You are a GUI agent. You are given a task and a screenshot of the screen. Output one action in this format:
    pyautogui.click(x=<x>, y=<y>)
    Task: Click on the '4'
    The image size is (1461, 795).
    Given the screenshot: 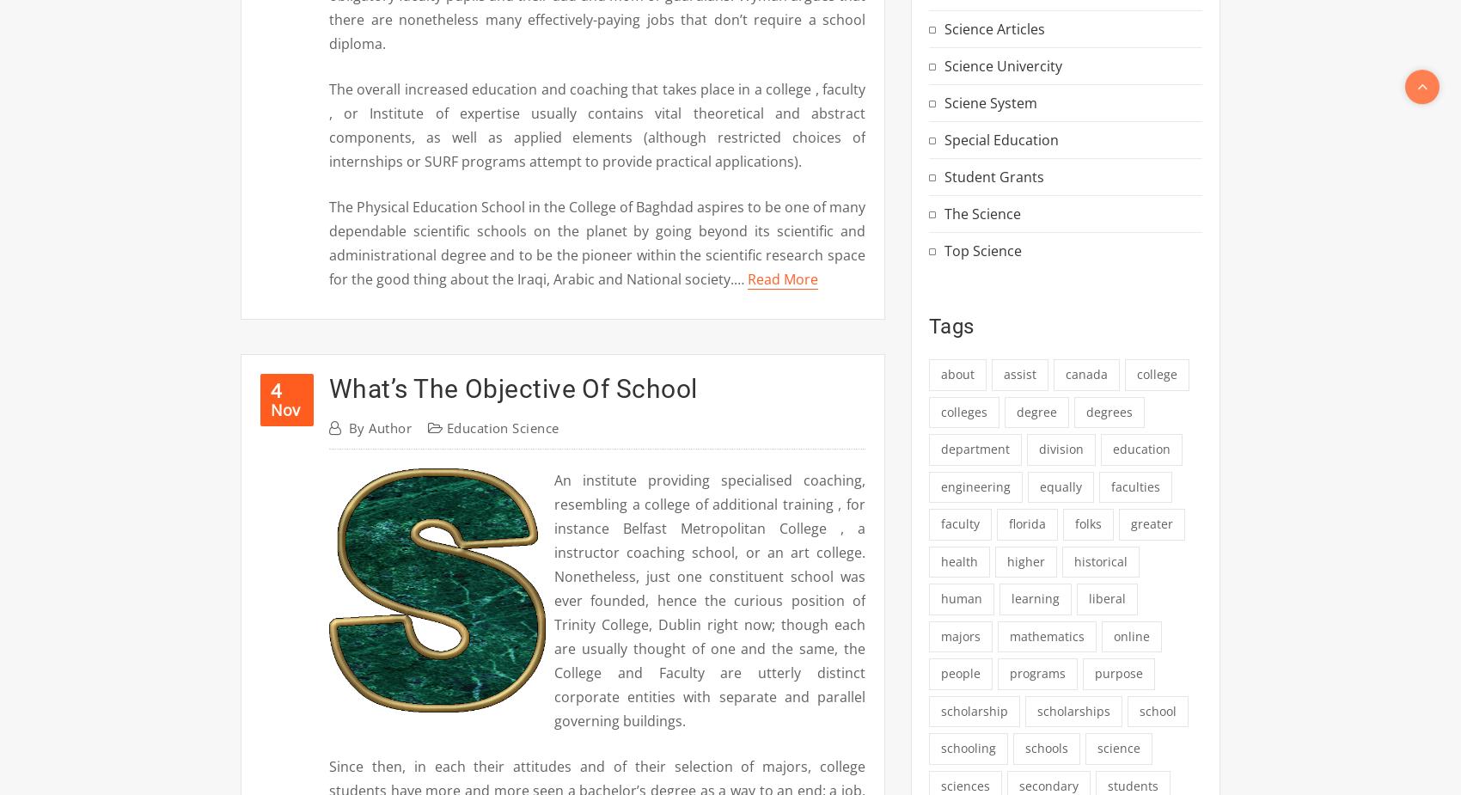 What is the action you would take?
    pyautogui.click(x=275, y=388)
    